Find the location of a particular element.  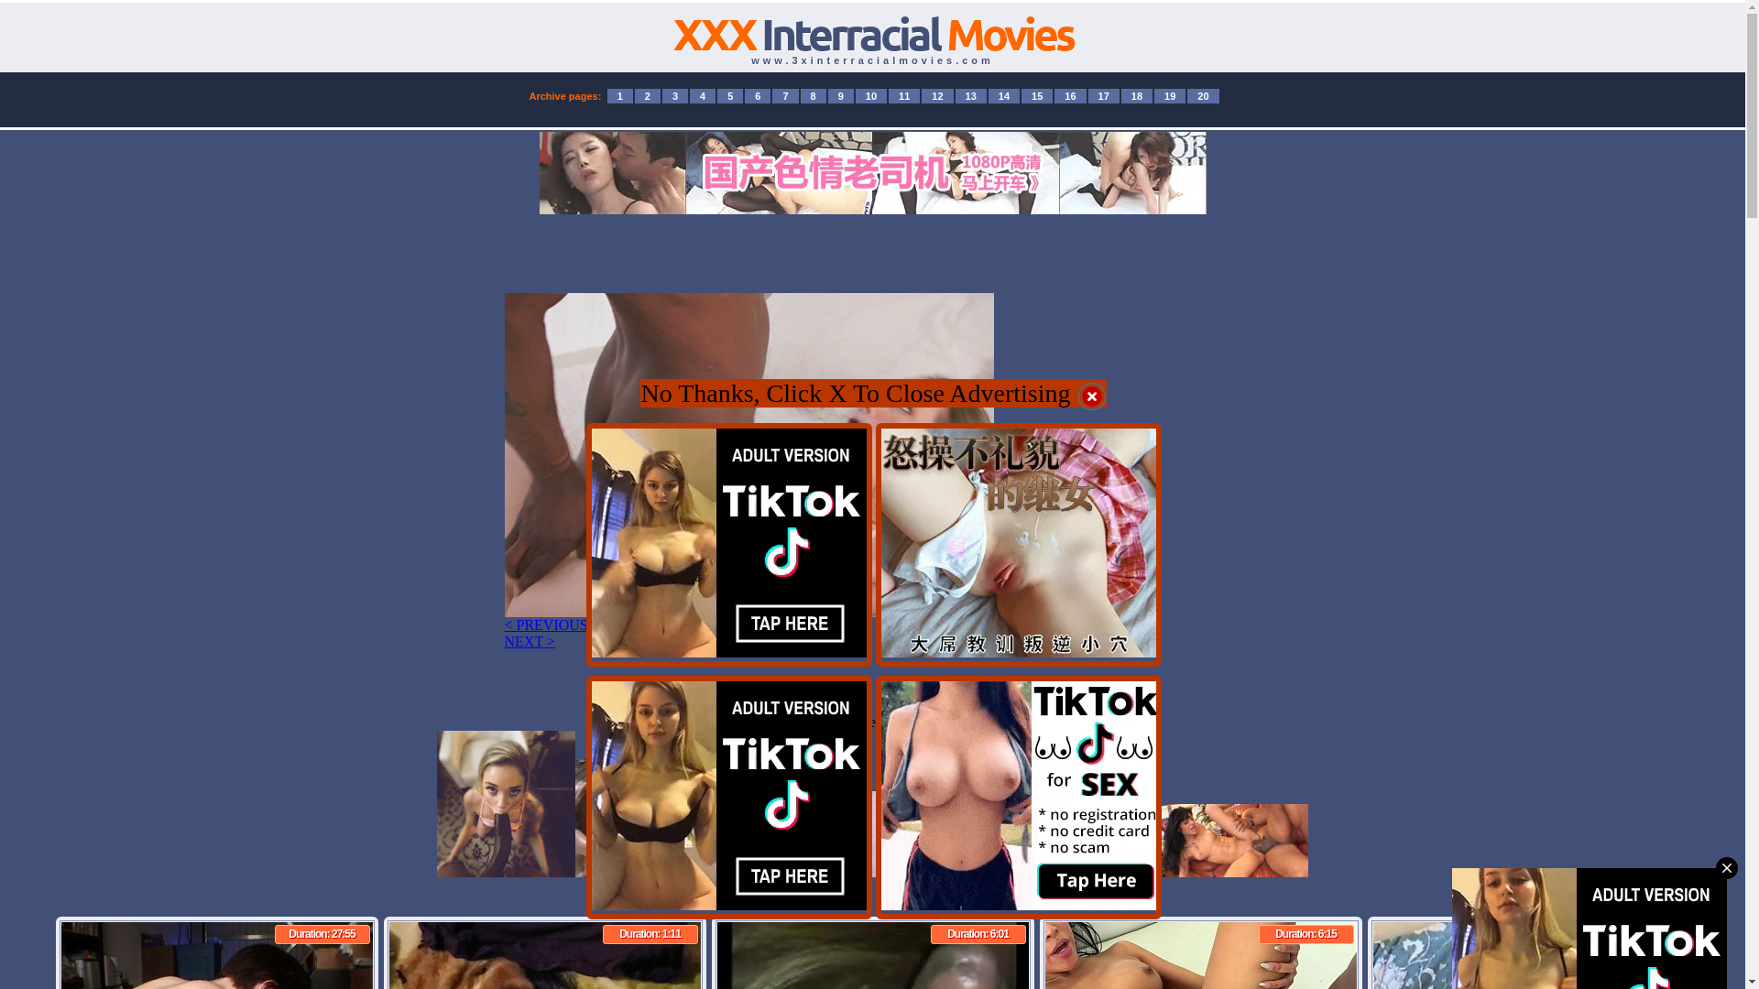

'19' is located at coordinates (1153, 95).